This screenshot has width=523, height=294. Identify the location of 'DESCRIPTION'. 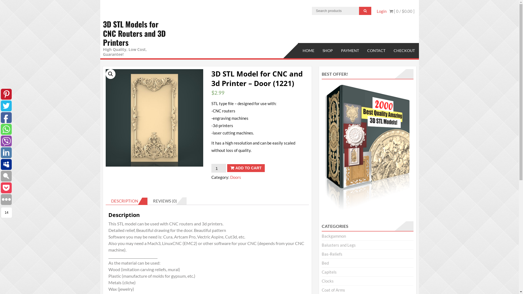
(124, 201).